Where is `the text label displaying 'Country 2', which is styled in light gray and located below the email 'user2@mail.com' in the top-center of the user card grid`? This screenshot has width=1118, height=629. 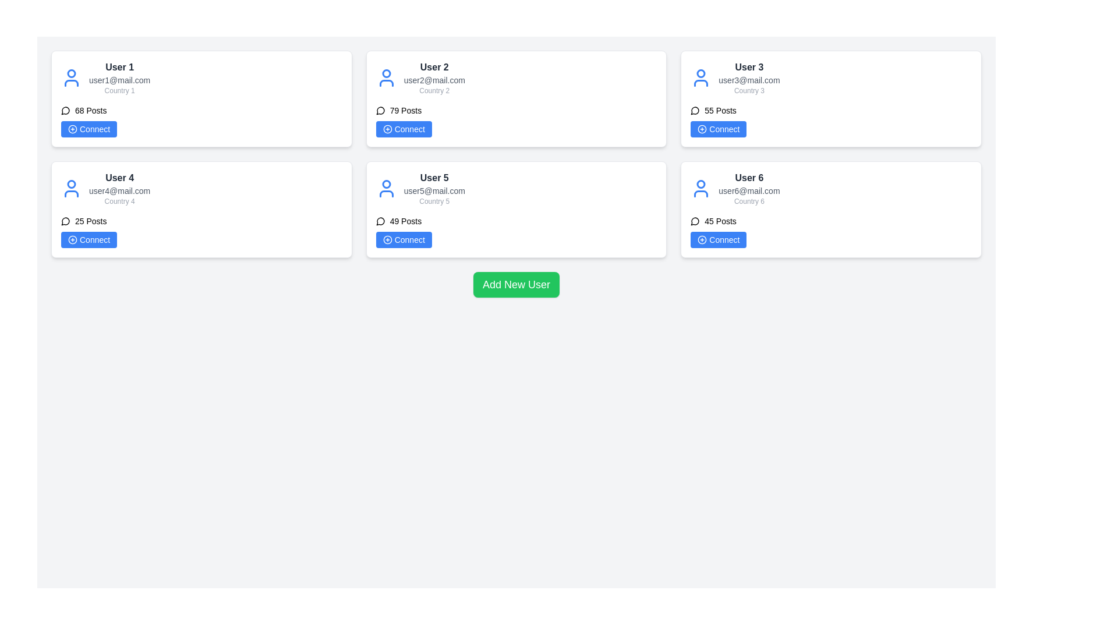
the text label displaying 'Country 2', which is styled in light gray and located below the email 'user2@mail.com' in the top-center of the user card grid is located at coordinates (434, 90).